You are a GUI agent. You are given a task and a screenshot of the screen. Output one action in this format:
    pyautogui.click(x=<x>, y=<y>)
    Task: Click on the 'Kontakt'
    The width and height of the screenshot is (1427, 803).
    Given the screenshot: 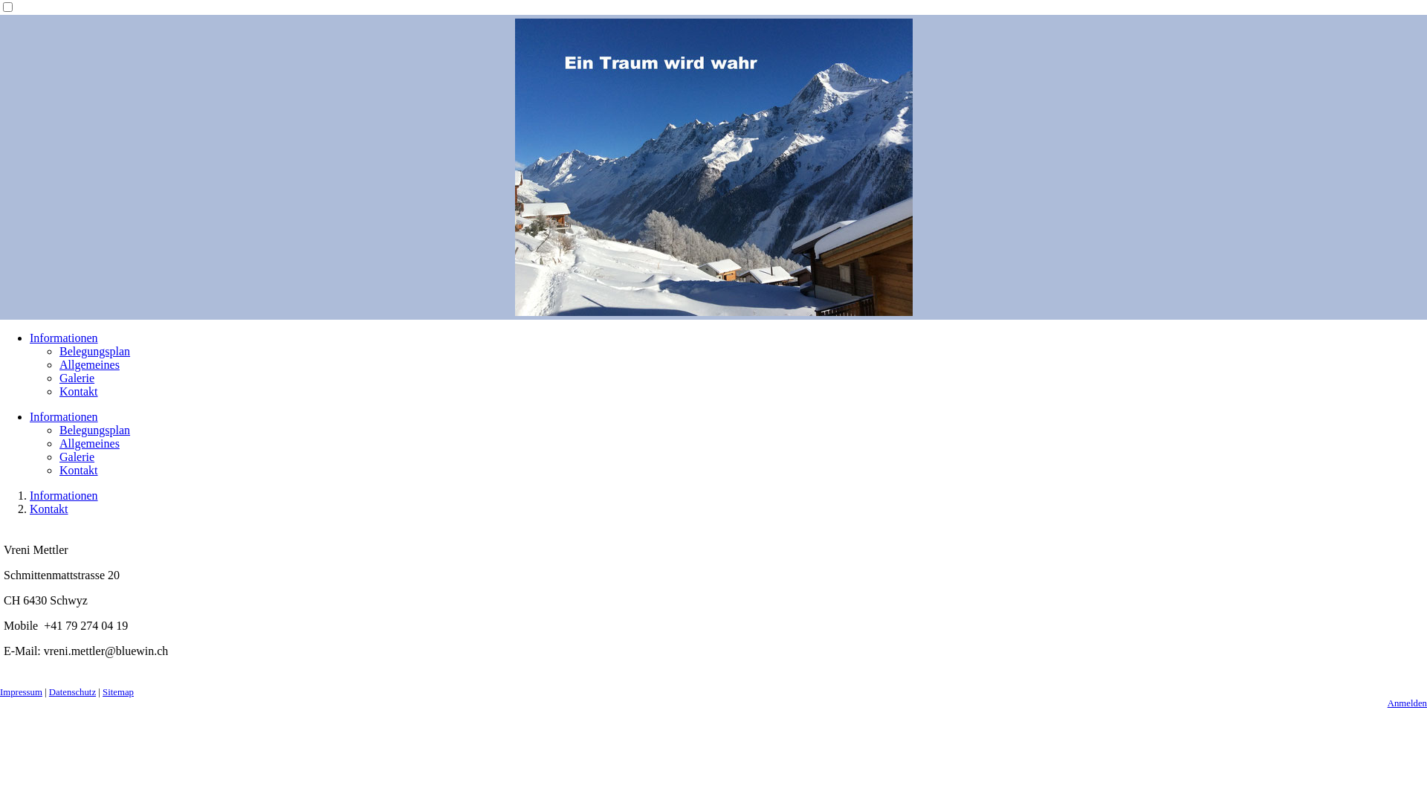 What is the action you would take?
    pyautogui.click(x=77, y=470)
    